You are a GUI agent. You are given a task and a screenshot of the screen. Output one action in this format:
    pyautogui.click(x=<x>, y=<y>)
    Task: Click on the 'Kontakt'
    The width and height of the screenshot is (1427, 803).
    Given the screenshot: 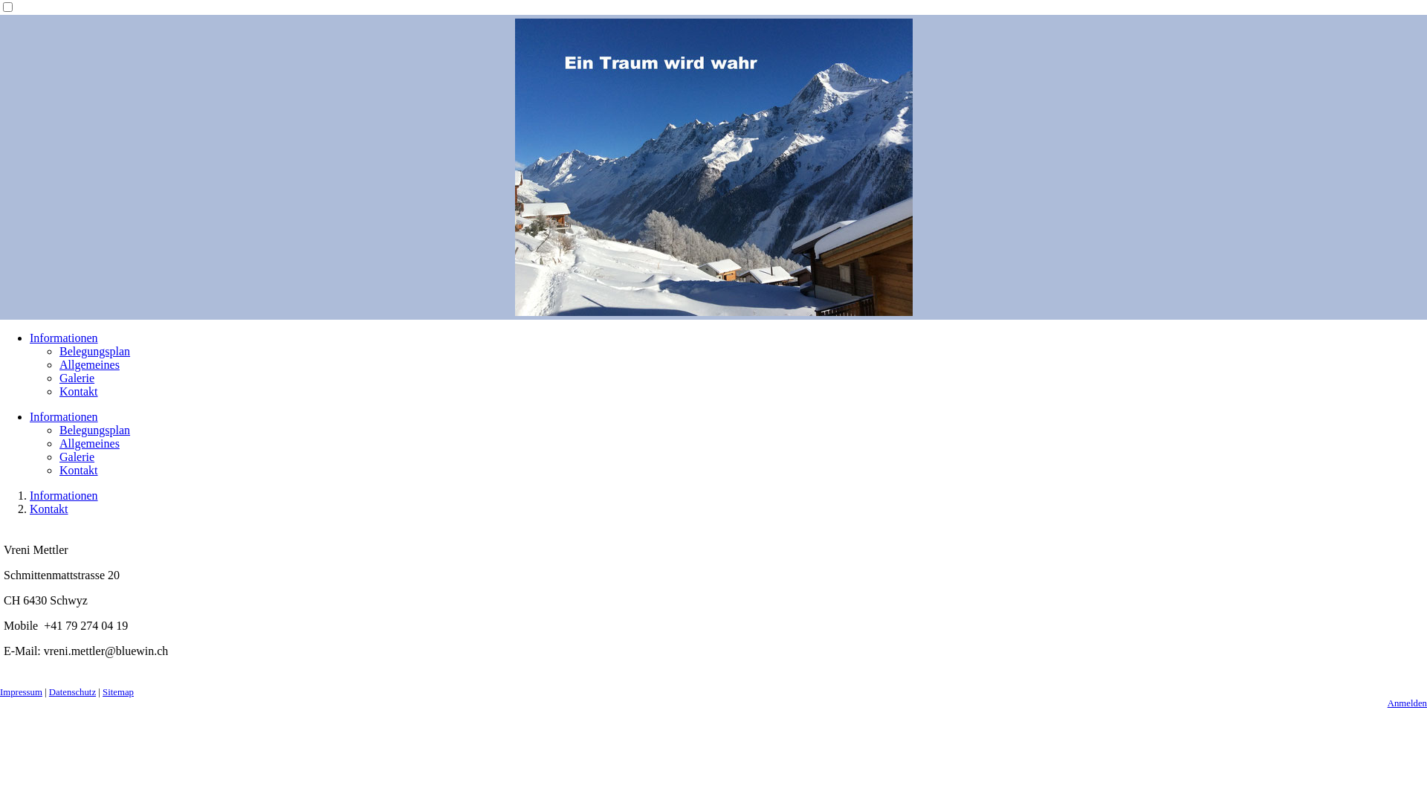 What is the action you would take?
    pyautogui.click(x=77, y=470)
    